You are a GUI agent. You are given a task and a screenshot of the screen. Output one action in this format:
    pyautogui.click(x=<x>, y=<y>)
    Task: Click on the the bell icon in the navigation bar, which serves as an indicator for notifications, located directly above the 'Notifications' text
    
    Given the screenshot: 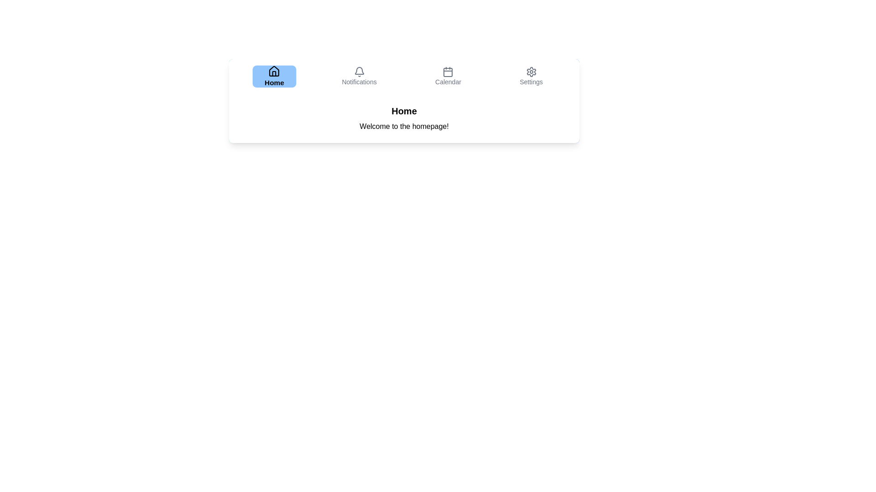 What is the action you would take?
    pyautogui.click(x=359, y=72)
    